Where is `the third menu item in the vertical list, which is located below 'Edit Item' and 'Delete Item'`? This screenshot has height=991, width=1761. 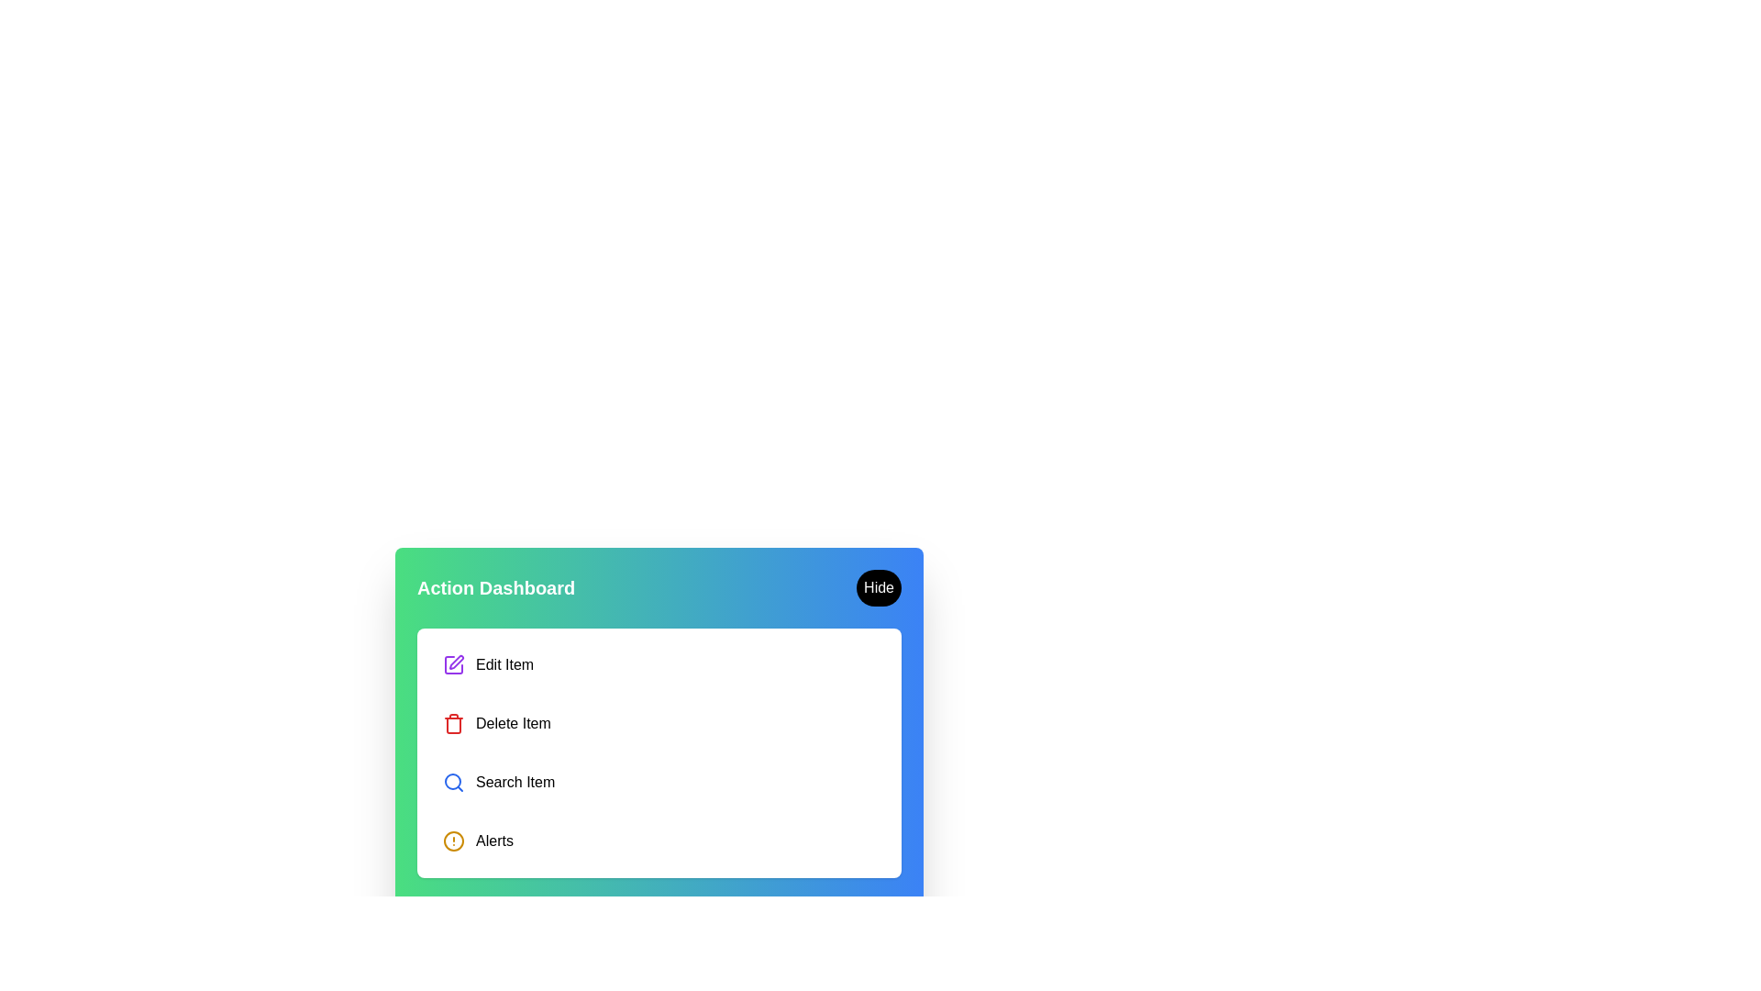
the third menu item in the vertical list, which is located below 'Edit Item' and 'Delete Item' is located at coordinates (659, 782).